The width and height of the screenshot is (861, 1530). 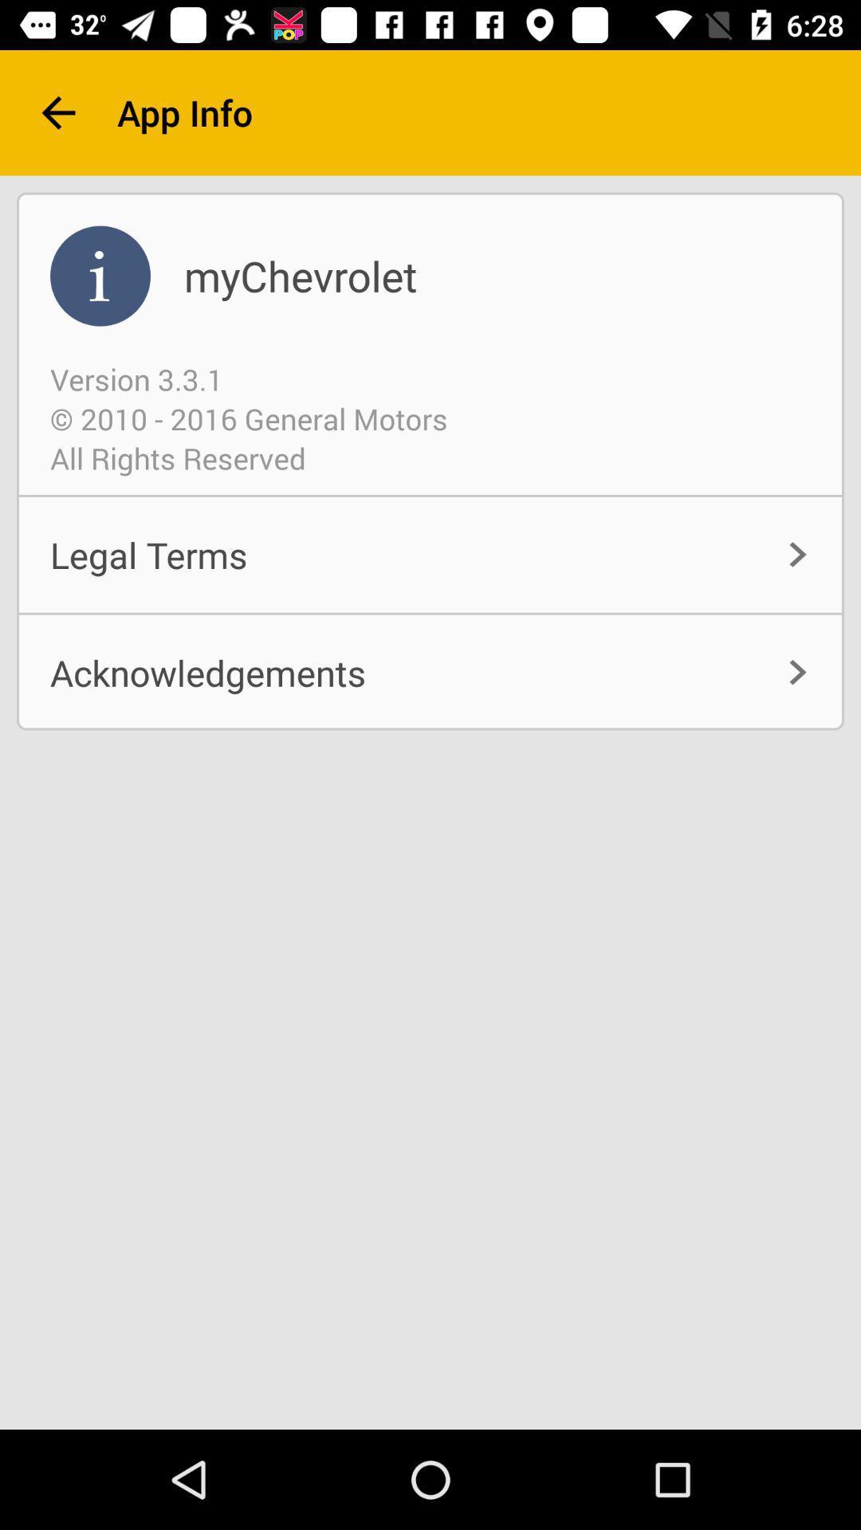 I want to click on legal terms icon, so click(x=431, y=555).